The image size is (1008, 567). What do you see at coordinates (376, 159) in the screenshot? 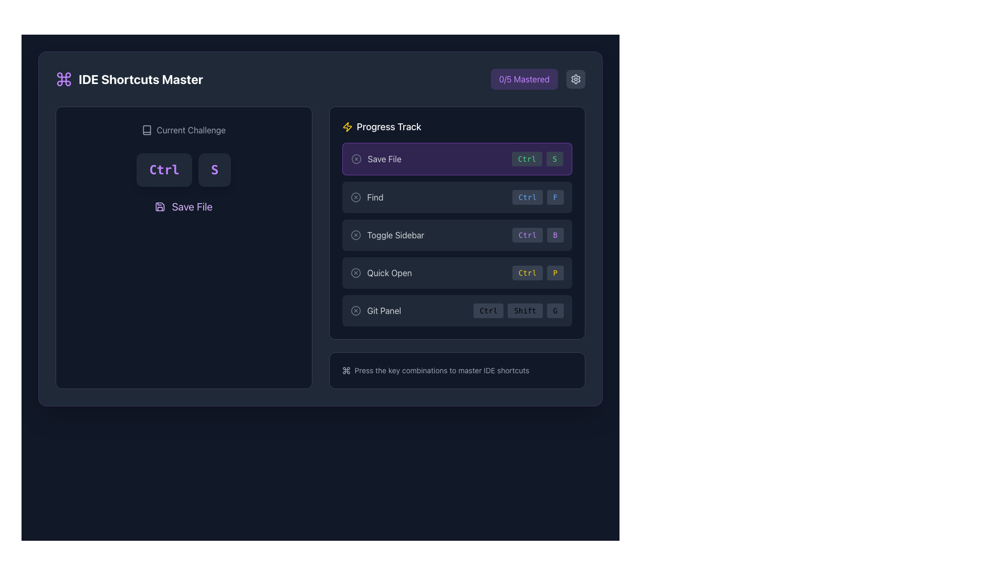
I see `the first item in the list of keyboard shortcuts that provides information about the 'Save File' operation under the 'Progress Track' section to read its contents` at bounding box center [376, 159].